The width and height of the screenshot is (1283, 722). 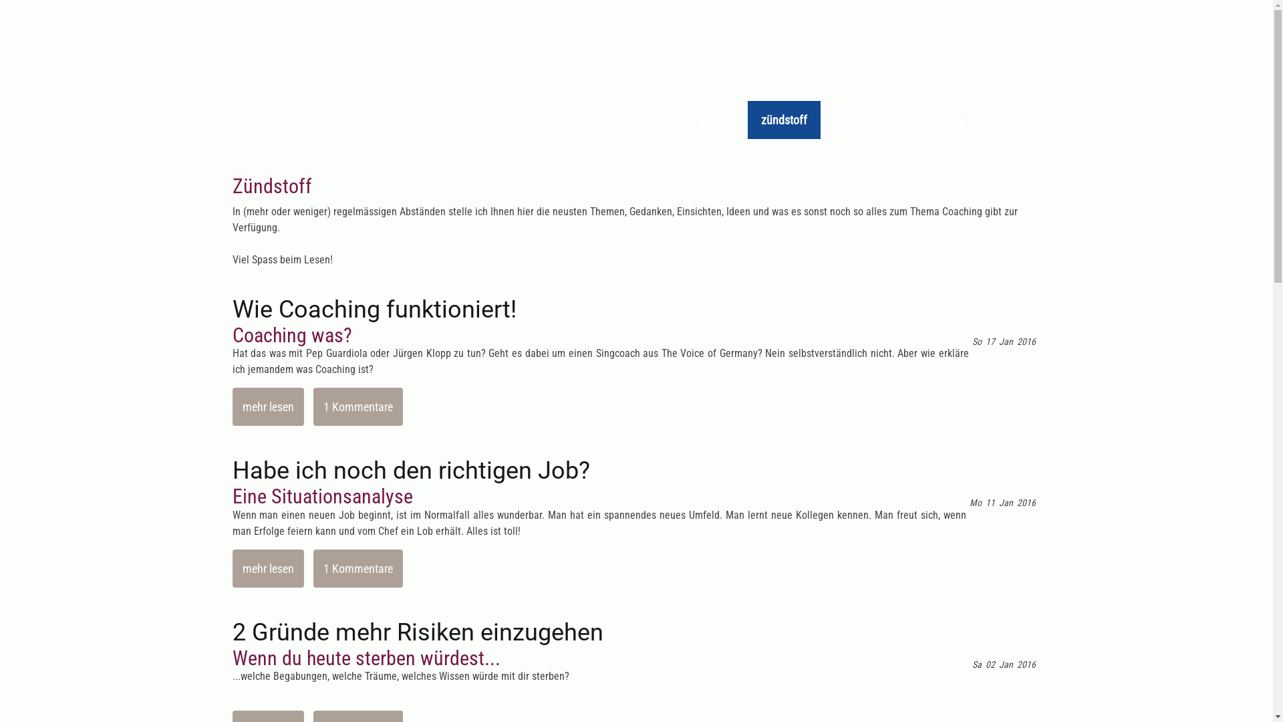 What do you see at coordinates (296, 119) in the screenshot?
I see `'home'` at bounding box center [296, 119].